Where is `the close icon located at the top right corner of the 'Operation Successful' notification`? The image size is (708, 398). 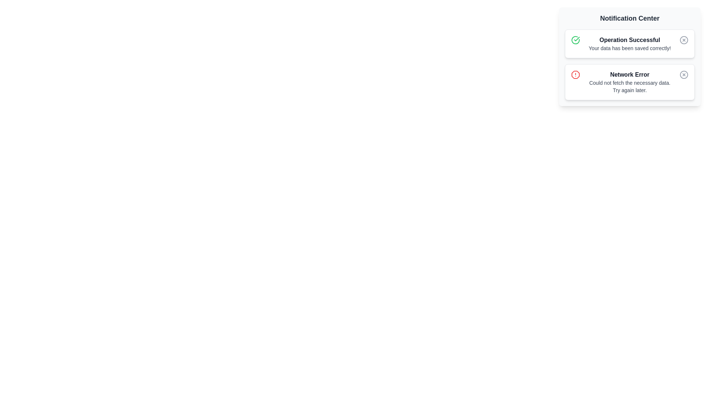 the close icon located at the top right corner of the 'Operation Successful' notification is located at coordinates (683, 40).